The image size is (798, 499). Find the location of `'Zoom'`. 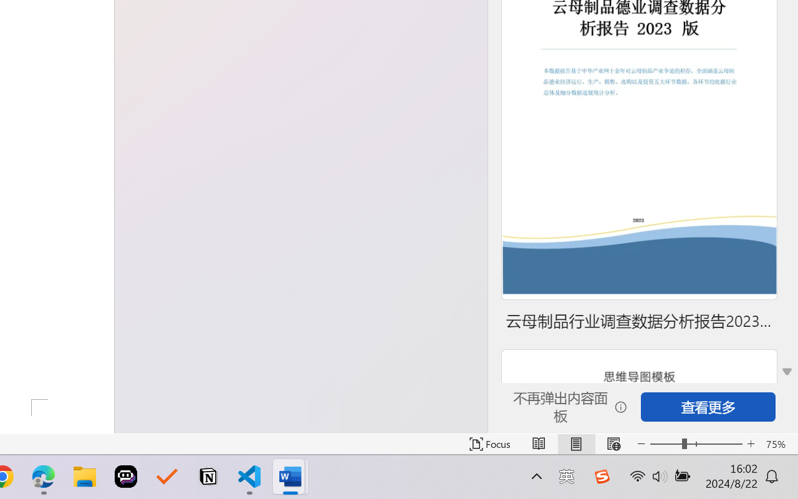

'Zoom' is located at coordinates (695, 443).